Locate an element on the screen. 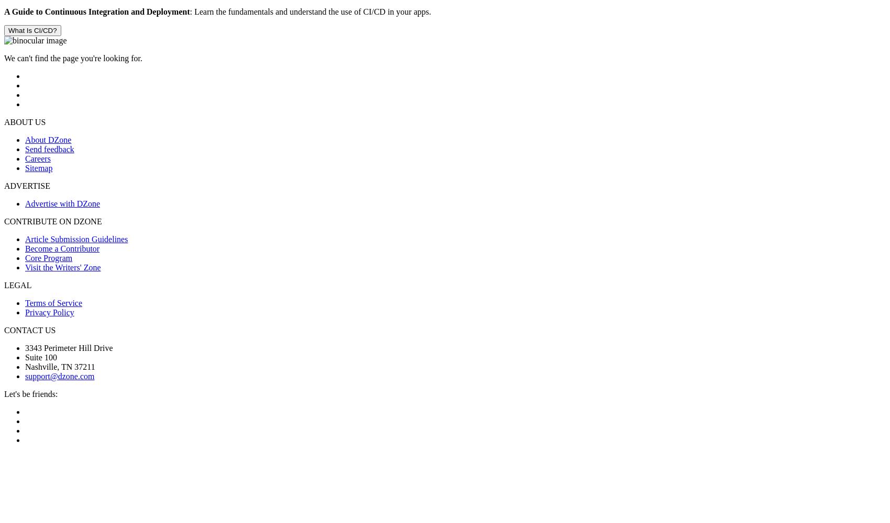 This screenshot has width=890, height=523. 'ABOUT US' is located at coordinates (25, 121).